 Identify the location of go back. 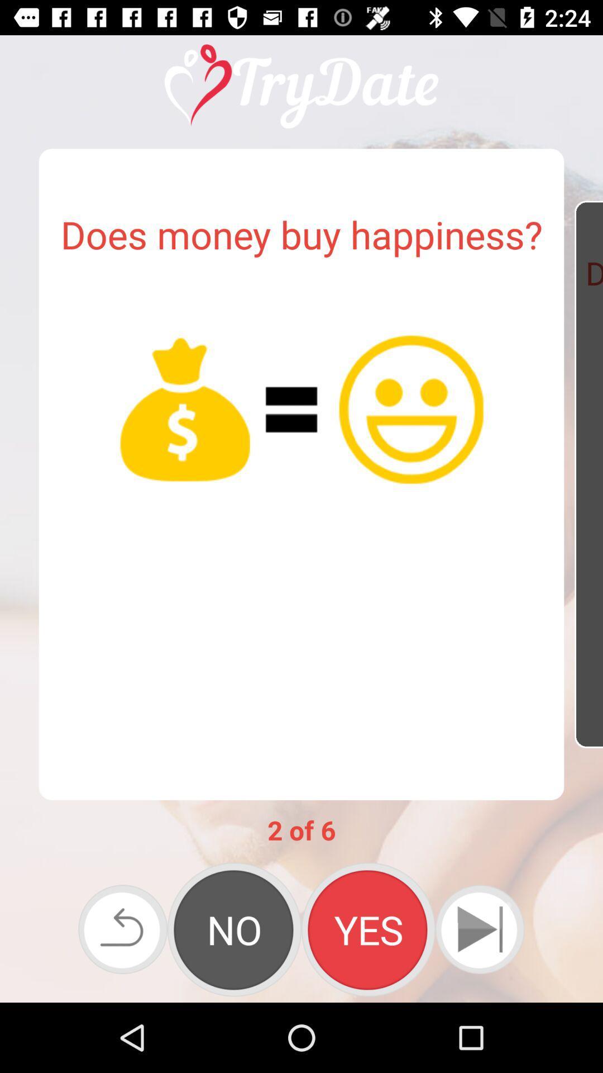
(123, 929).